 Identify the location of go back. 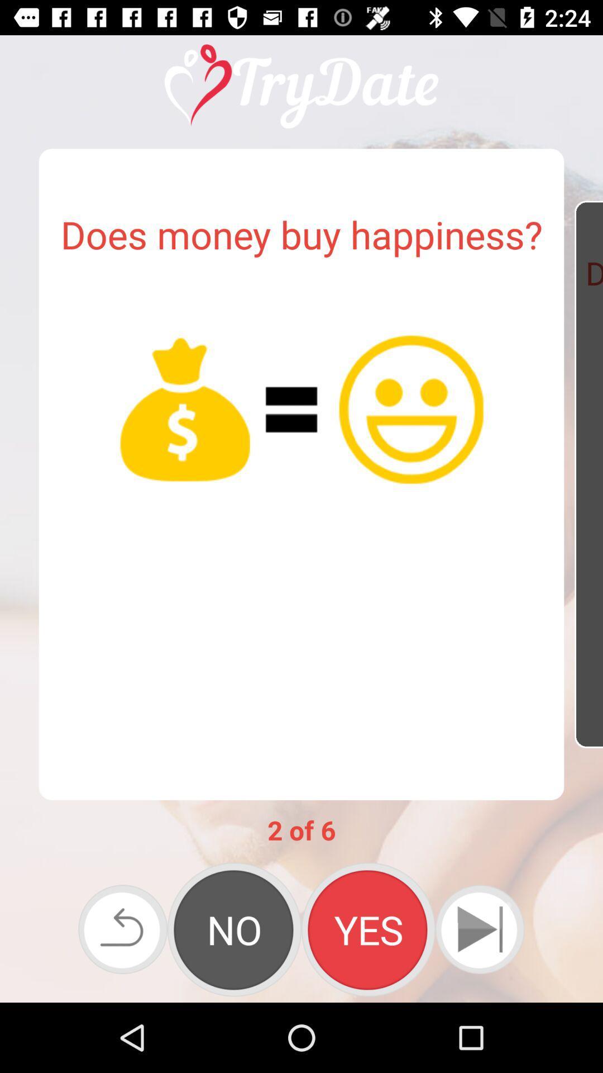
(123, 929).